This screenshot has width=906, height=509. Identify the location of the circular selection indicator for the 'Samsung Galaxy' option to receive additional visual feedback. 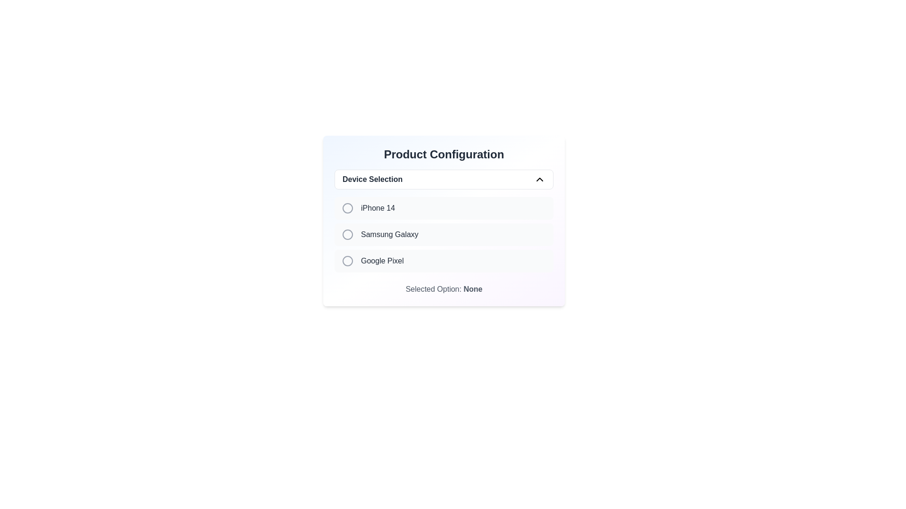
(347, 234).